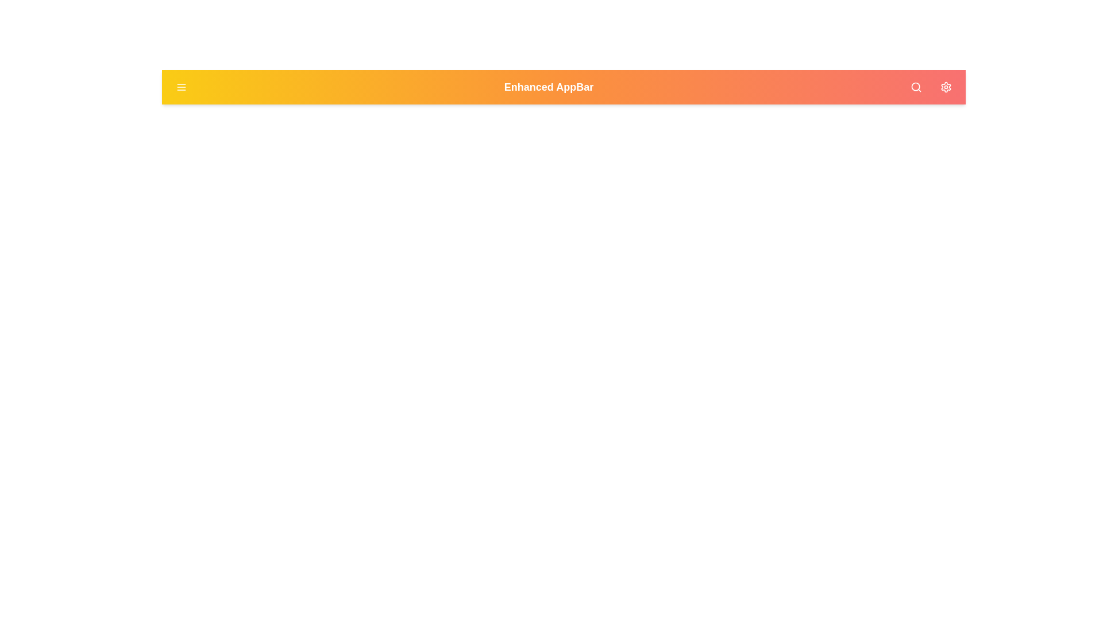  I want to click on the settings button located at the rightmost end of the app bar, so click(946, 86).